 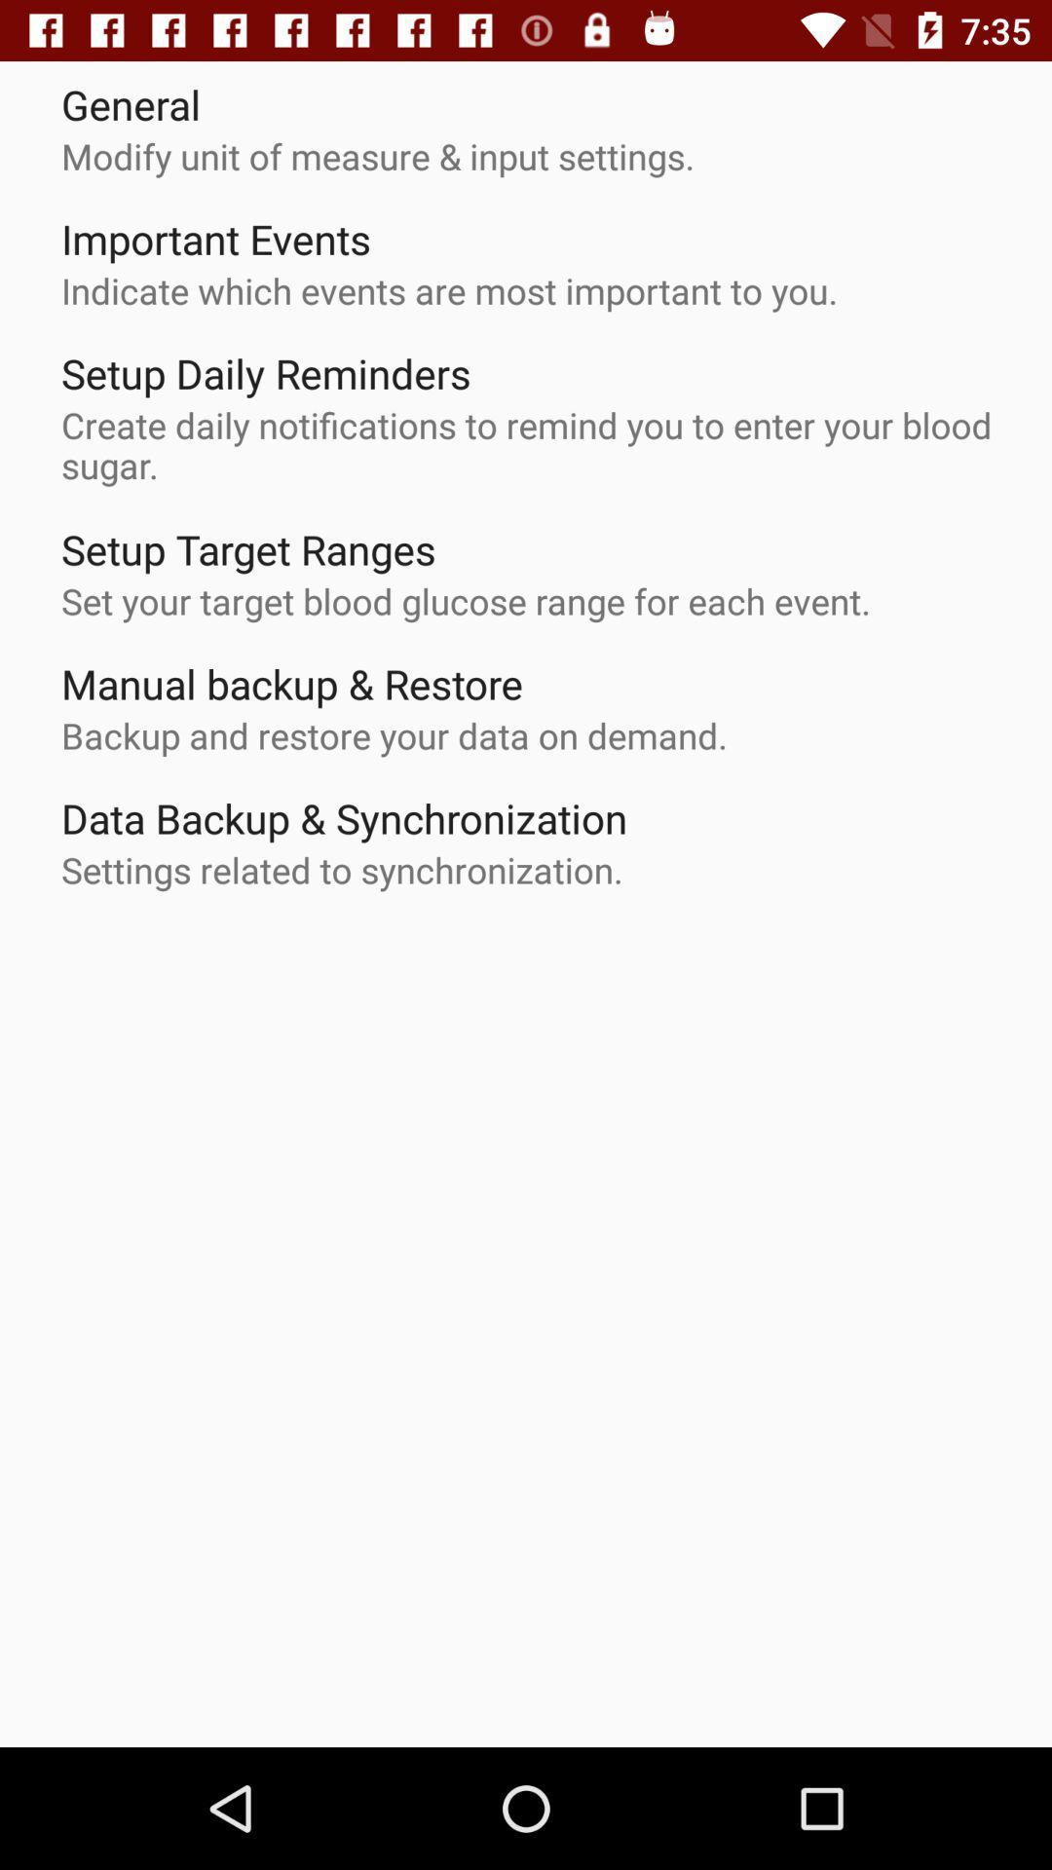 What do you see at coordinates (266, 373) in the screenshot?
I see `the item above the create daily notifications icon` at bounding box center [266, 373].